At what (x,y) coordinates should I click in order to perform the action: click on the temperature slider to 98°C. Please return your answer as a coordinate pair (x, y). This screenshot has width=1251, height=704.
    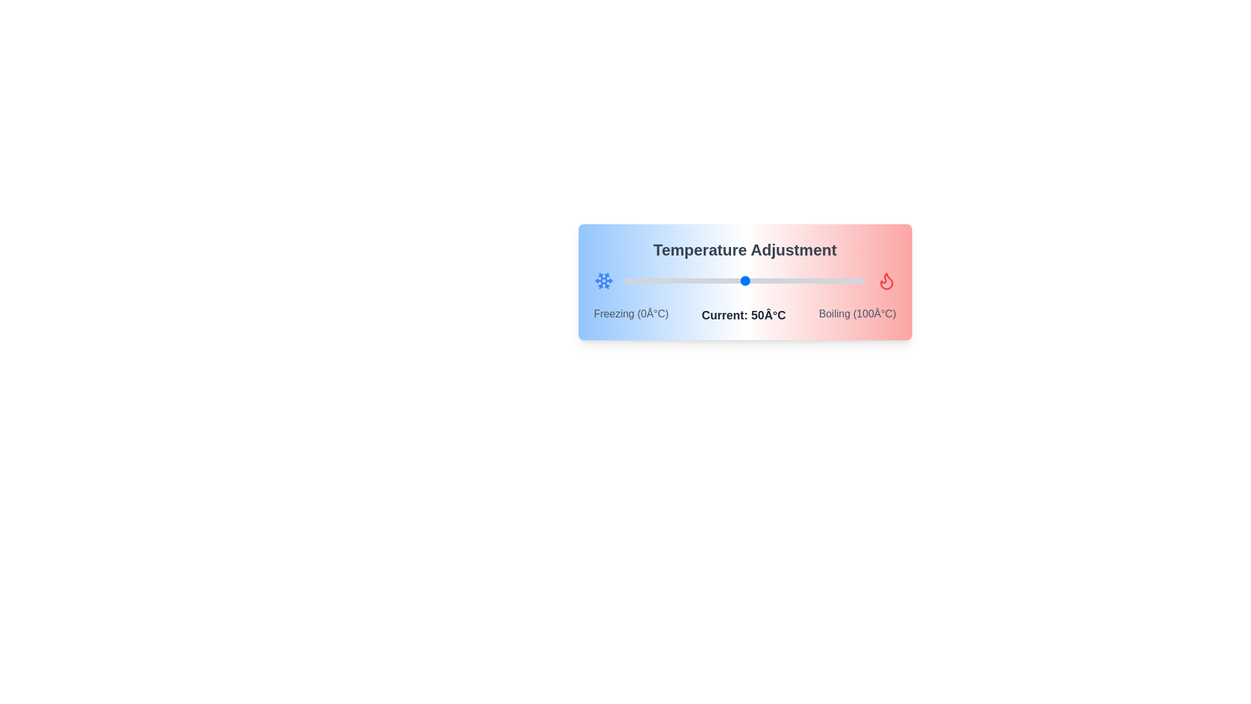
    Looking at the image, I should click on (861, 280).